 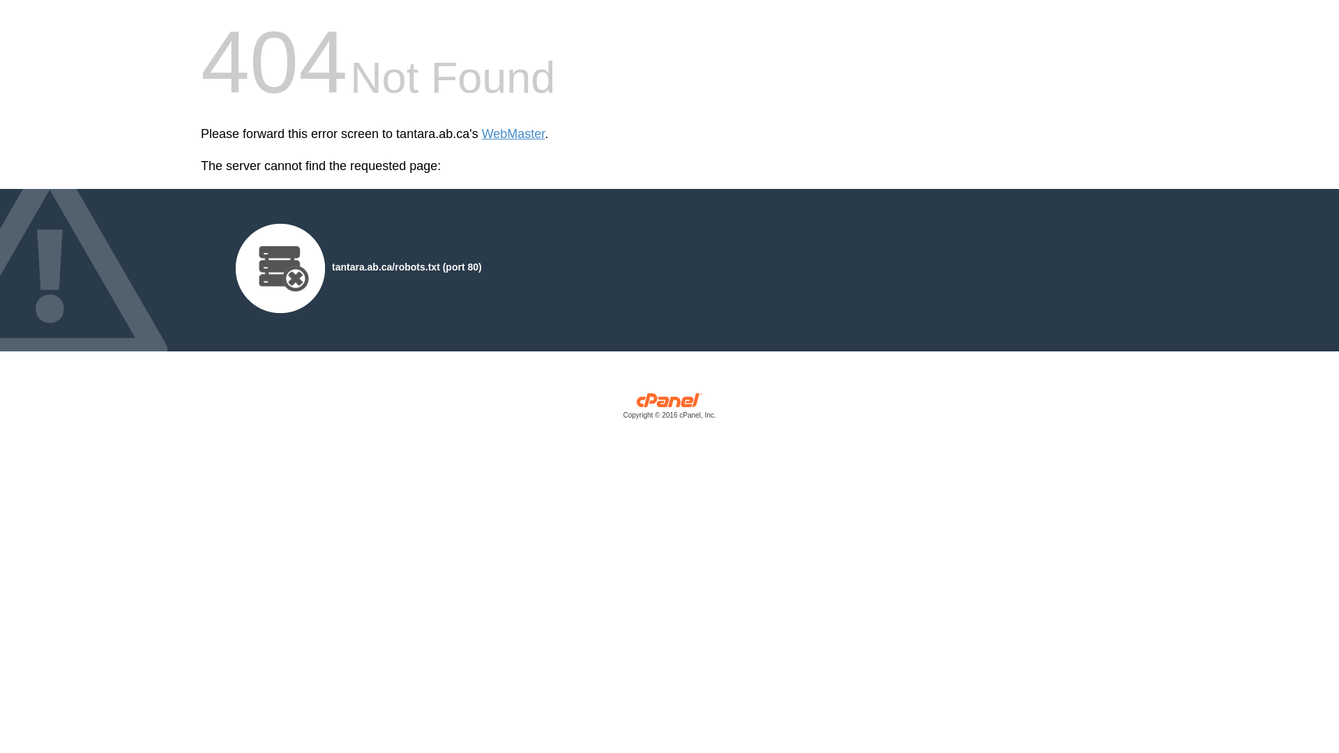 What do you see at coordinates (513, 134) in the screenshot?
I see `'WebMaster'` at bounding box center [513, 134].